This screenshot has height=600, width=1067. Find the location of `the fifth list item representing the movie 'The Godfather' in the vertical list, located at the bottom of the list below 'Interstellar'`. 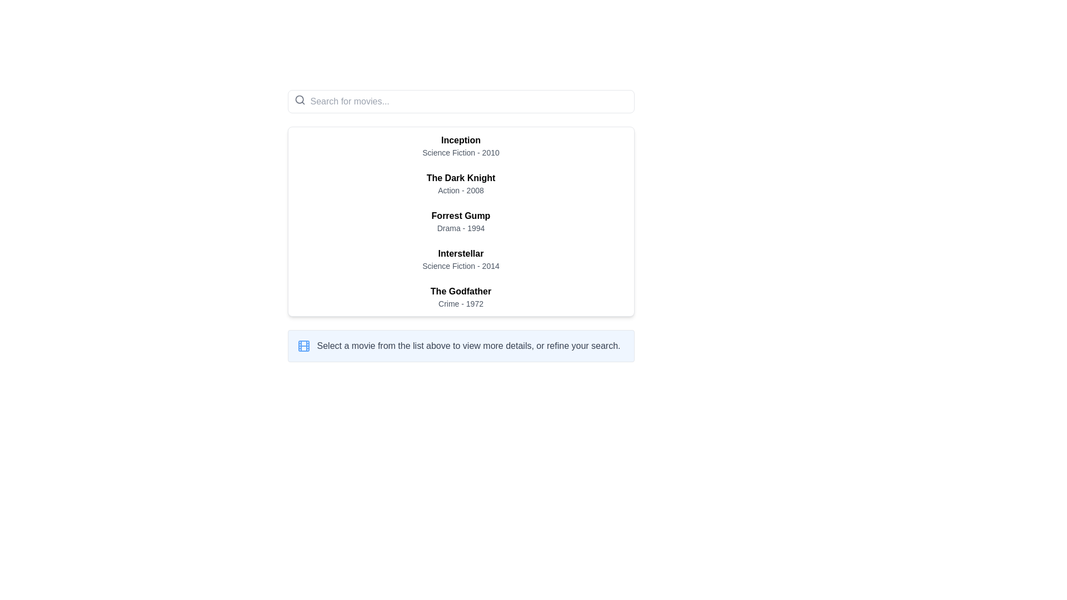

the fifth list item representing the movie 'The Godfather' in the vertical list, located at the bottom of the list below 'Interstellar' is located at coordinates (461, 297).